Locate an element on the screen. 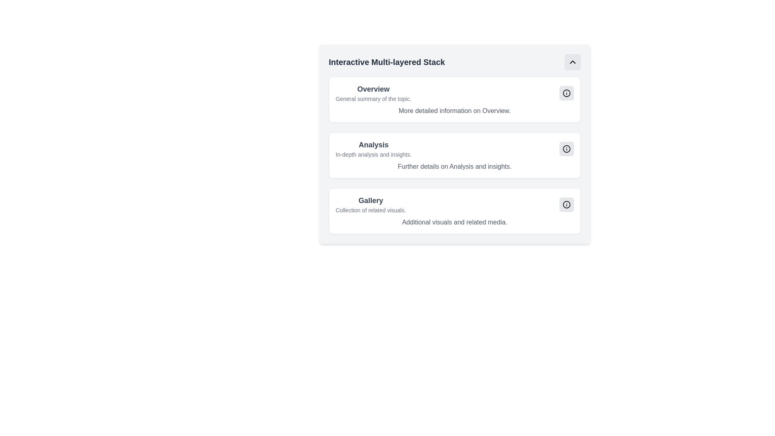 The width and height of the screenshot is (775, 436). the chevron icon located at the upper-right corner of the 'Interactive Multi-layered Stack' section is located at coordinates (572, 62).